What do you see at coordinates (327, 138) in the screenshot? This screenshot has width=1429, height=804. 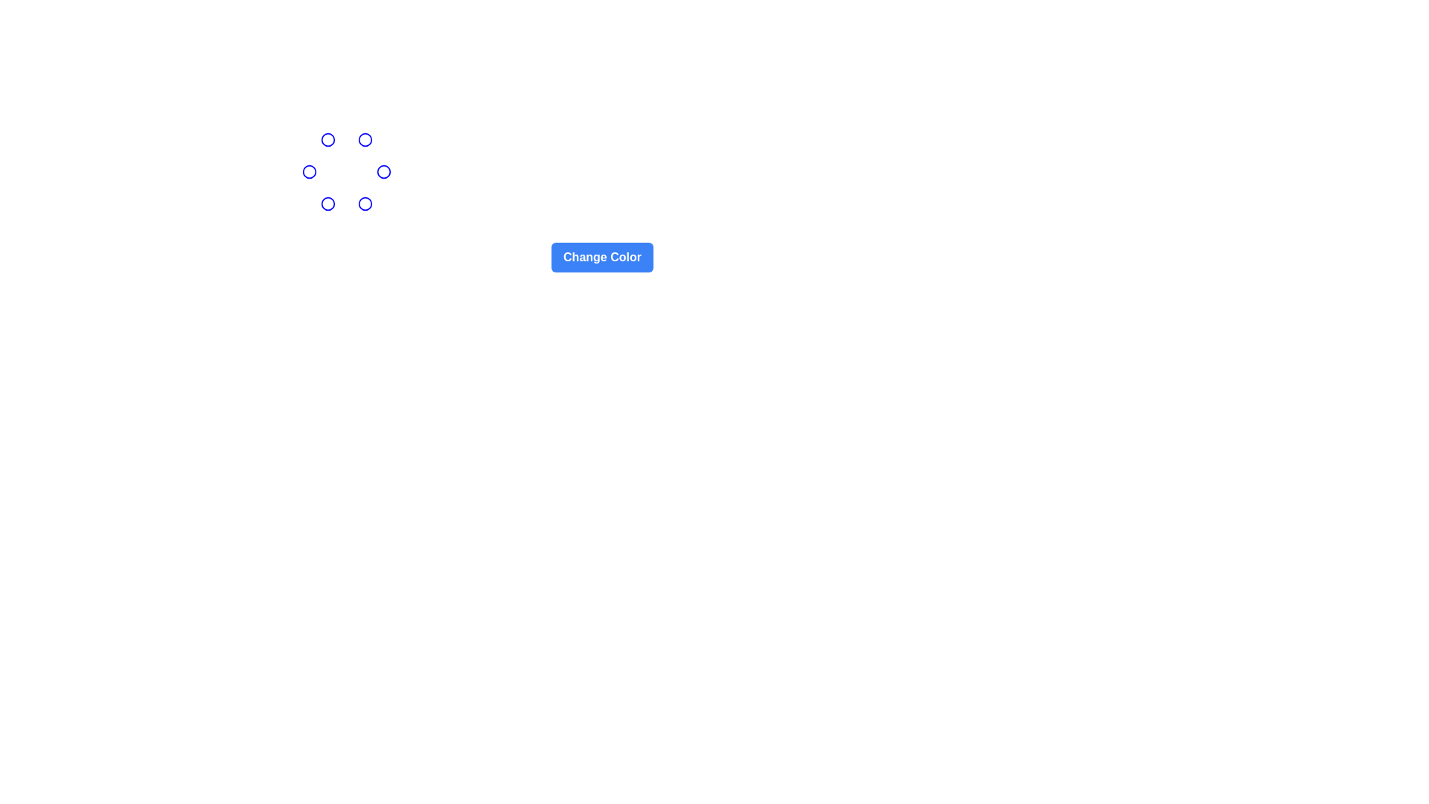 I see `the Decorative Circle, which is the first element in a grouping of circles located at the top-left area of the interface` at bounding box center [327, 138].